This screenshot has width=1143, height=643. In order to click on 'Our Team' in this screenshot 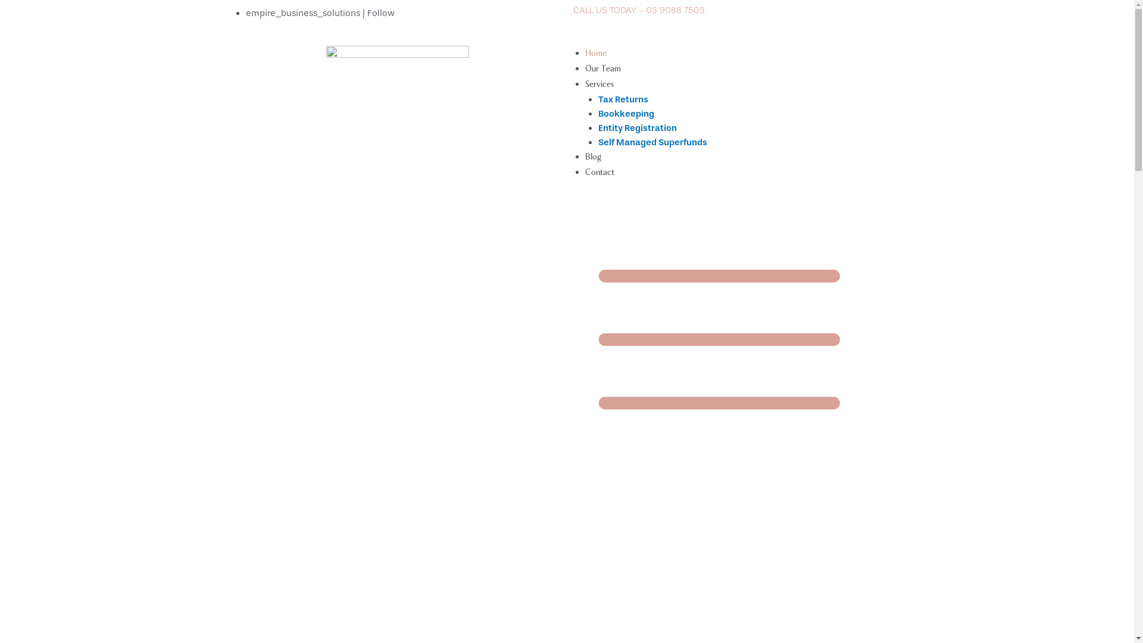, I will do `click(602, 68)`.